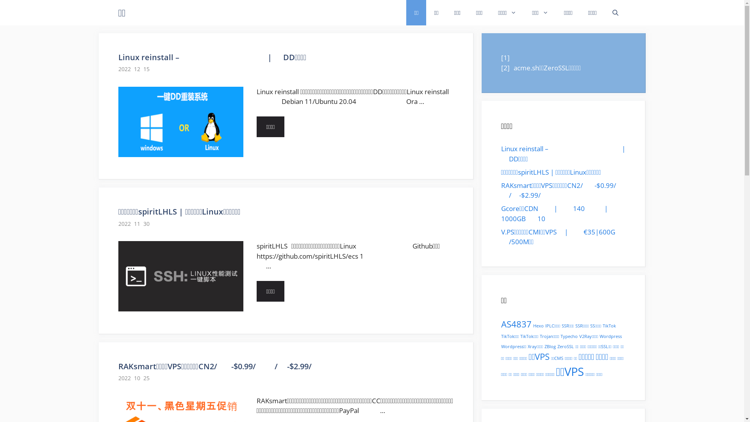 The height and width of the screenshot is (422, 750). Describe the element at coordinates (566, 346) in the screenshot. I see `'ZeroSSL'` at that location.